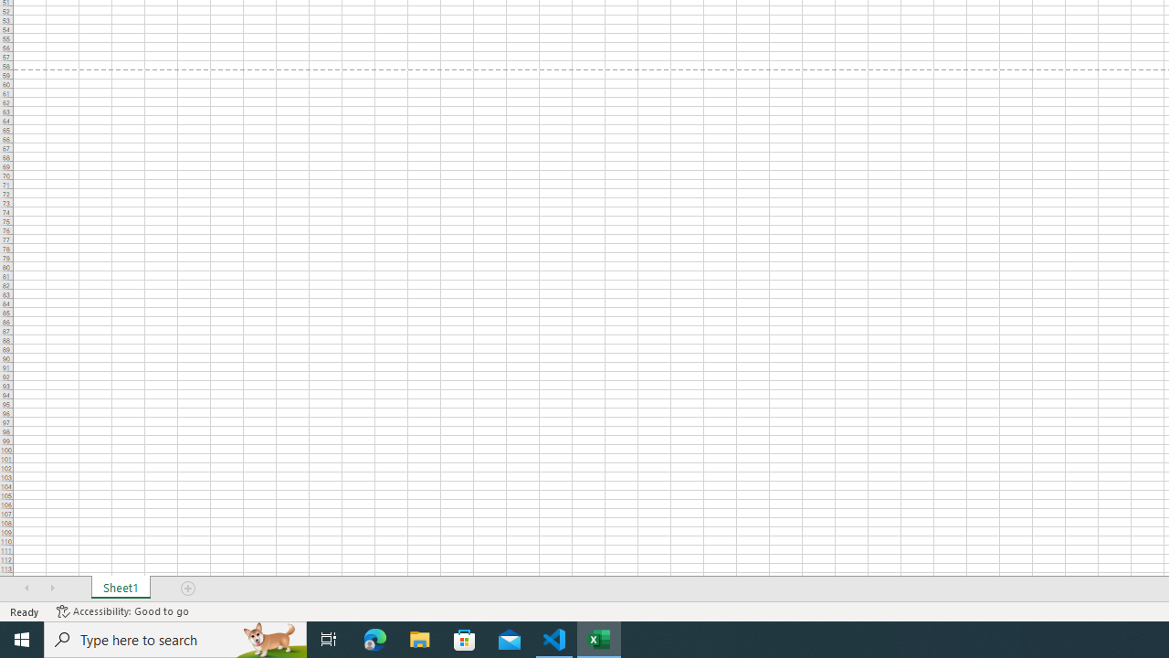 This screenshot has height=658, width=1169. I want to click on 'Sheet1', so click(120, 589).